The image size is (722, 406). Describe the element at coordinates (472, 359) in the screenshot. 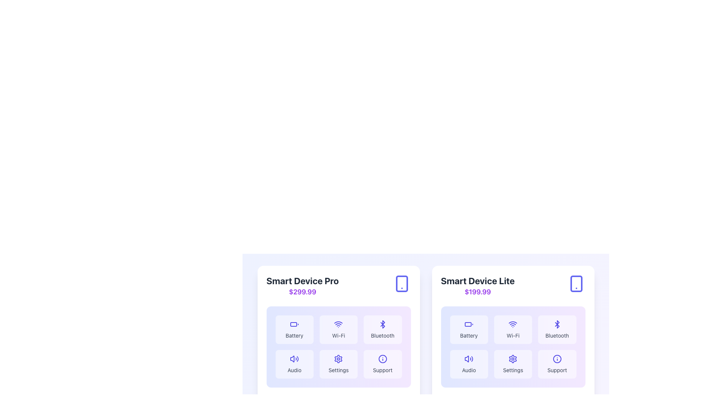

I see `the outermost curve of the sound-related icon in the upper-right corner of the 'Smart Device Lite' card` at that location.